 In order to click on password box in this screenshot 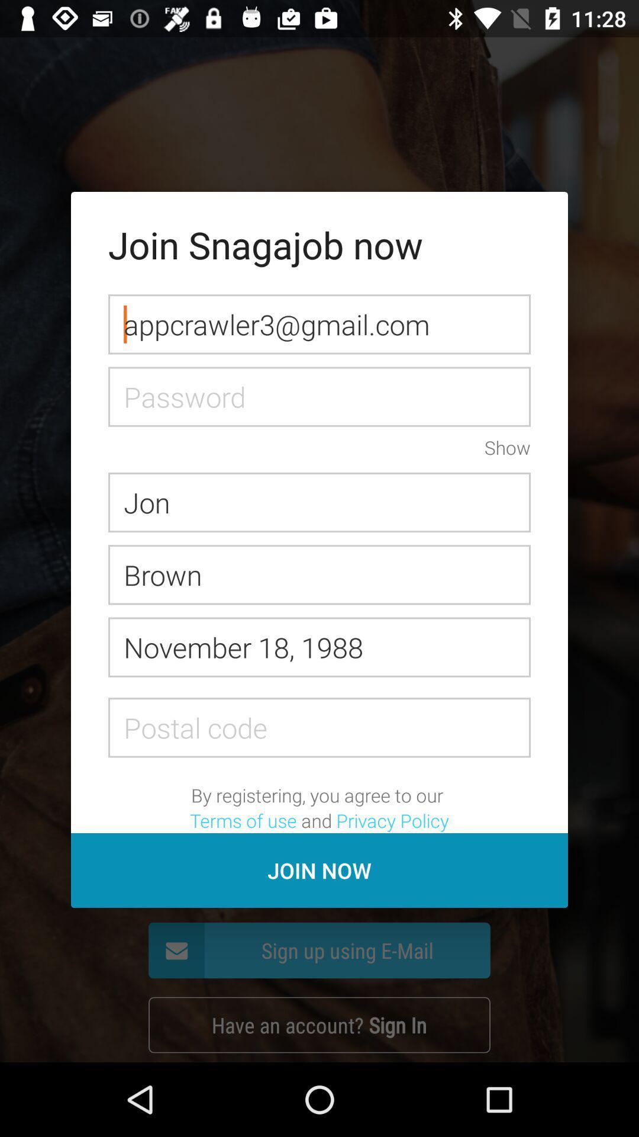, I will do `click(319, 397)`.